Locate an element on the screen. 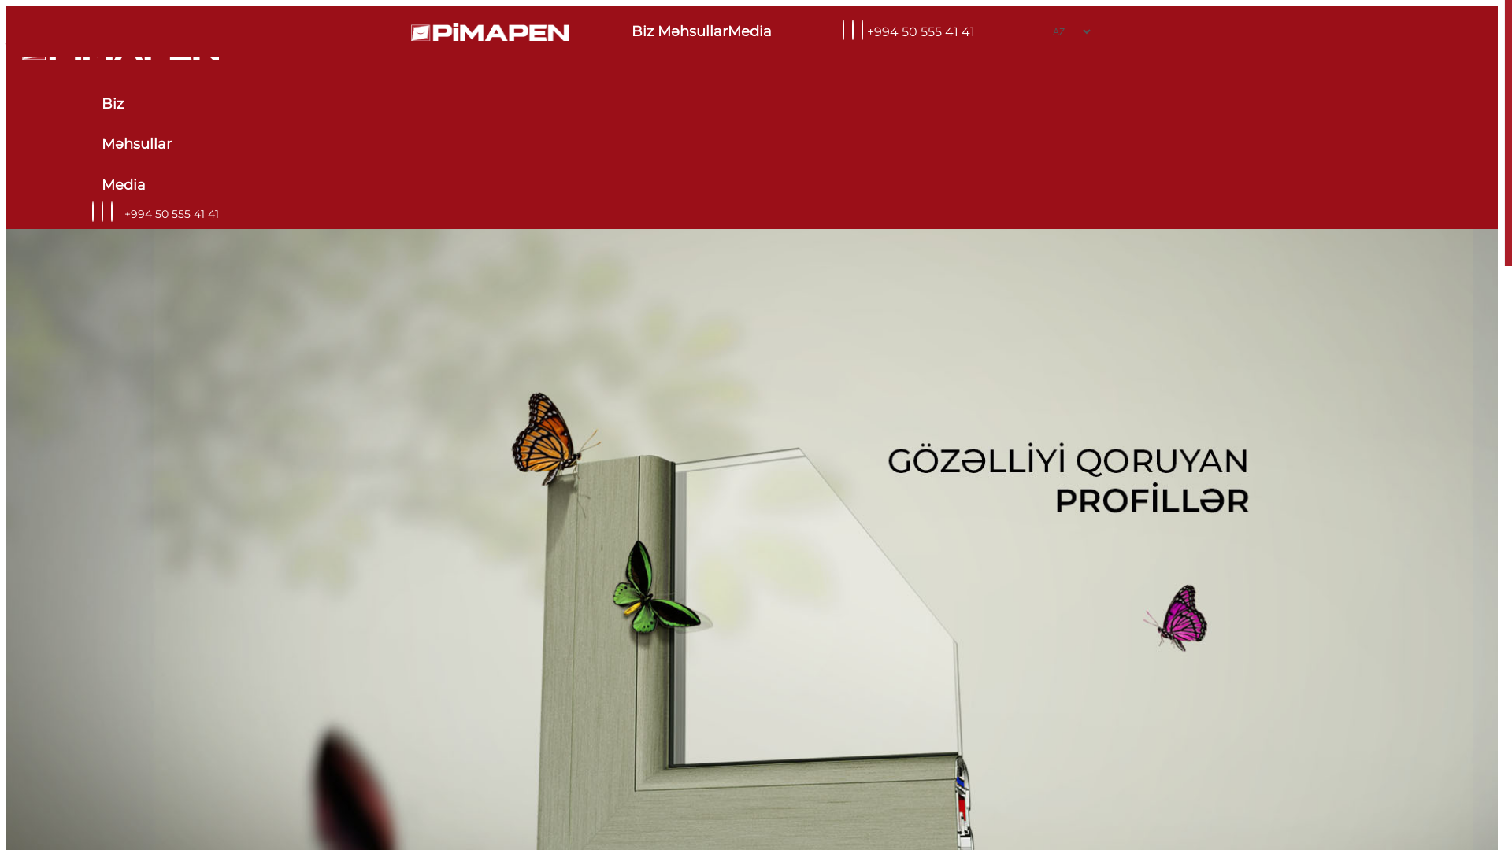 The image size is (1512, 850). 'SHOWROOM' is located at coordinates (163, 46).